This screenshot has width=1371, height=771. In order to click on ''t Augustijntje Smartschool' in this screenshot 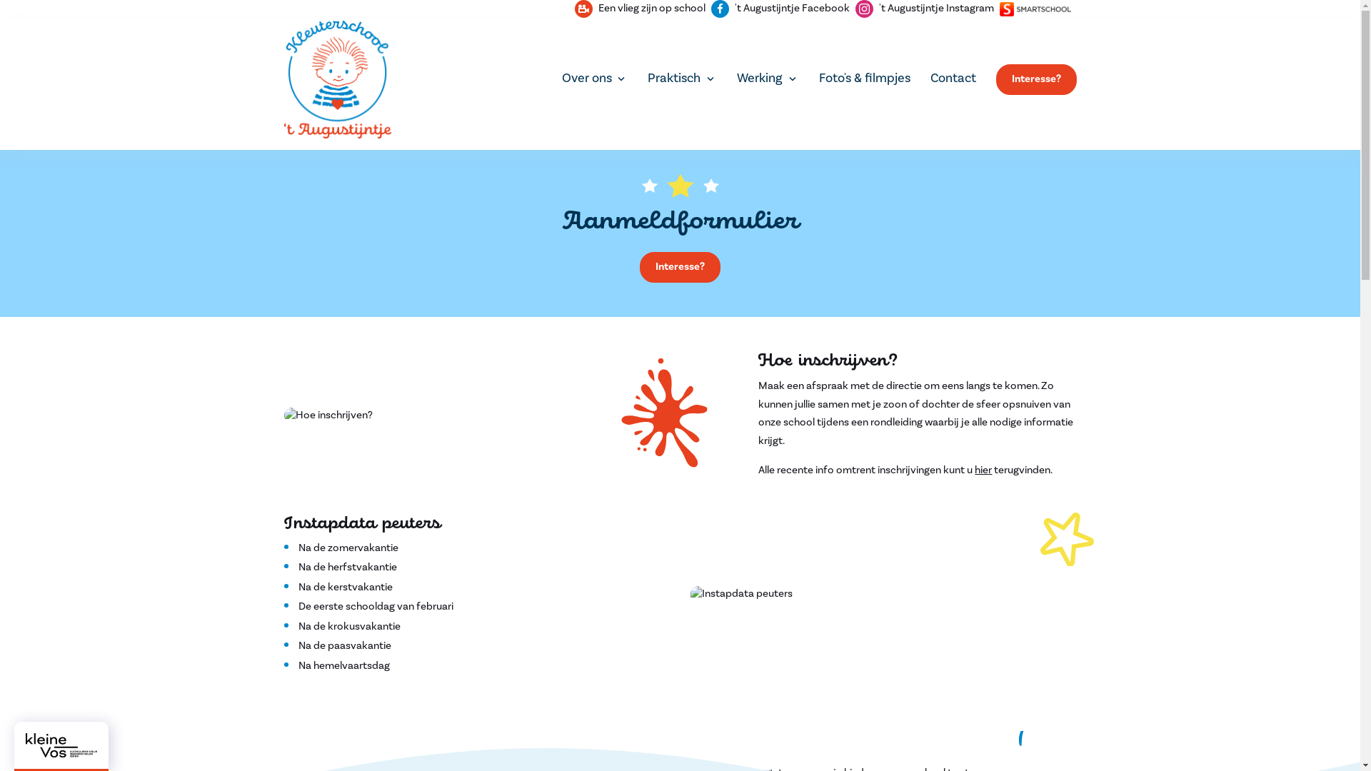, I will do `click(1035, 8)`.